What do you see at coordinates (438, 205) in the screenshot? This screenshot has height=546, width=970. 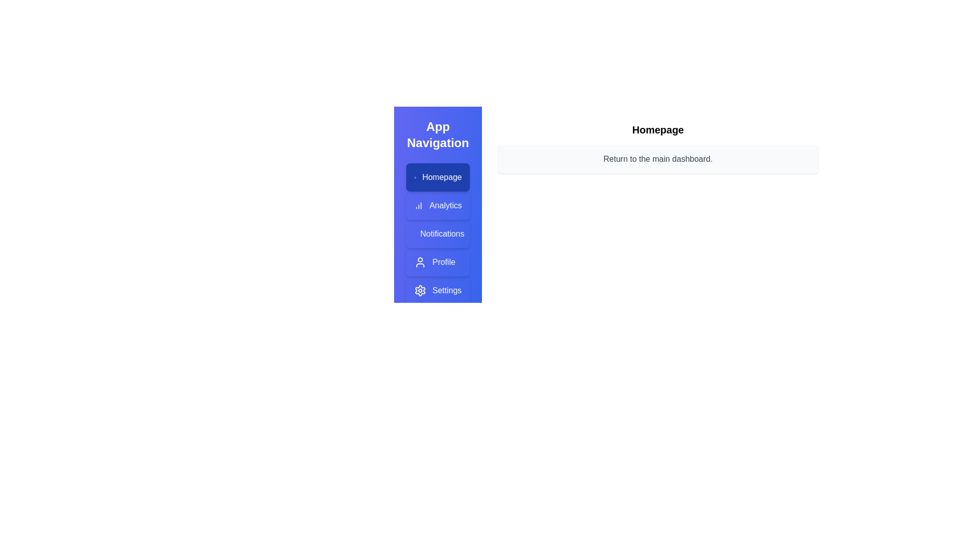 I see `the 'Analytics' navigation button, which features a graph icon and is located below the 'Homepage' button in the vertical menu` at bounding box center [438, 205].